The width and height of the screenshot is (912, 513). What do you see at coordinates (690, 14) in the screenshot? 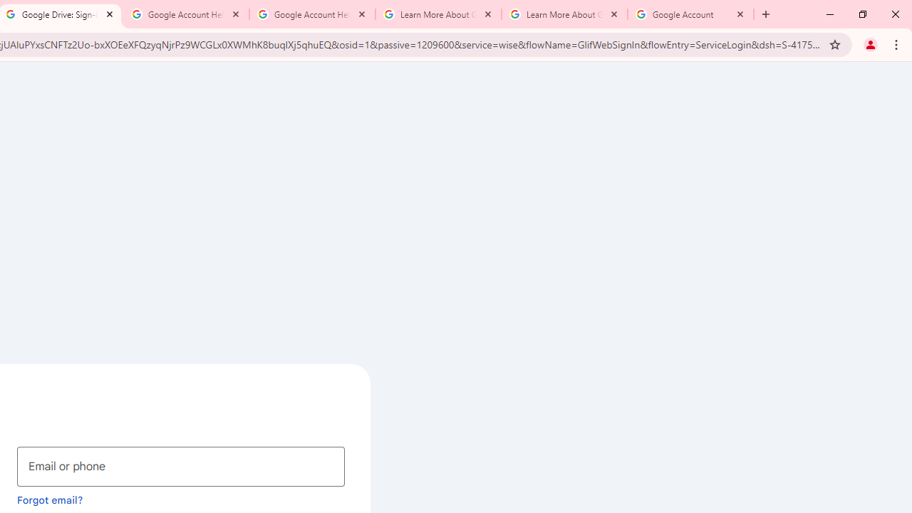
I see `'Google Account'` at bounding box center [690, 14].